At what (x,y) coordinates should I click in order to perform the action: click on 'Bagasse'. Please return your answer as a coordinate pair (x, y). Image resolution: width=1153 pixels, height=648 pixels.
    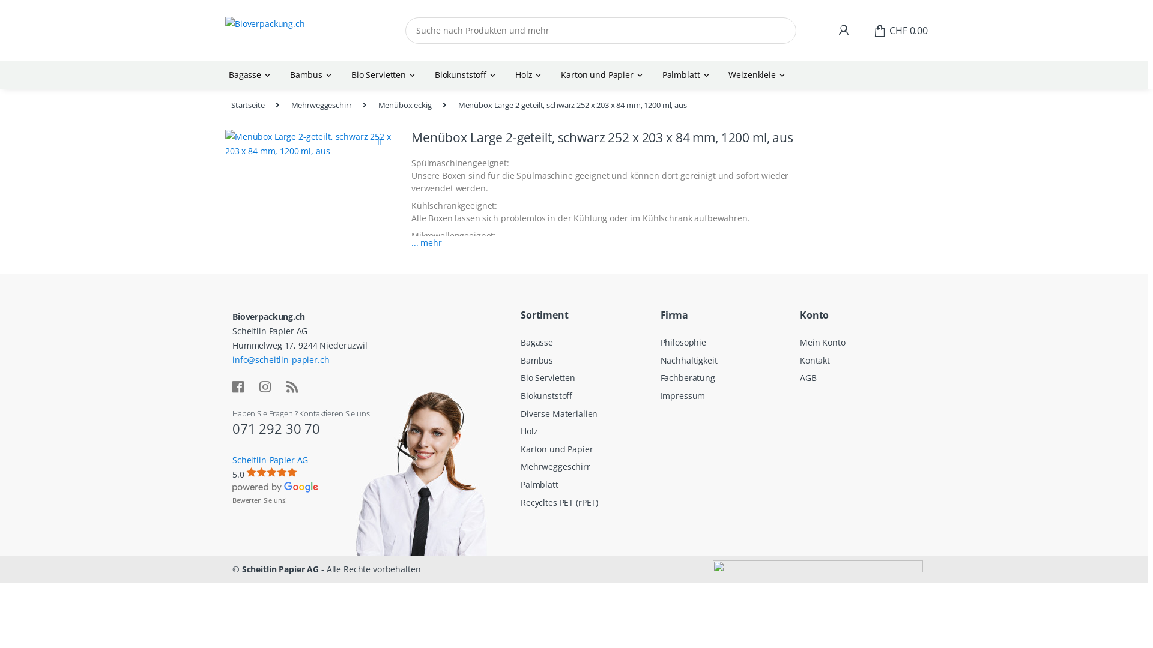
    Looking at the image, I should click on (250, 74).